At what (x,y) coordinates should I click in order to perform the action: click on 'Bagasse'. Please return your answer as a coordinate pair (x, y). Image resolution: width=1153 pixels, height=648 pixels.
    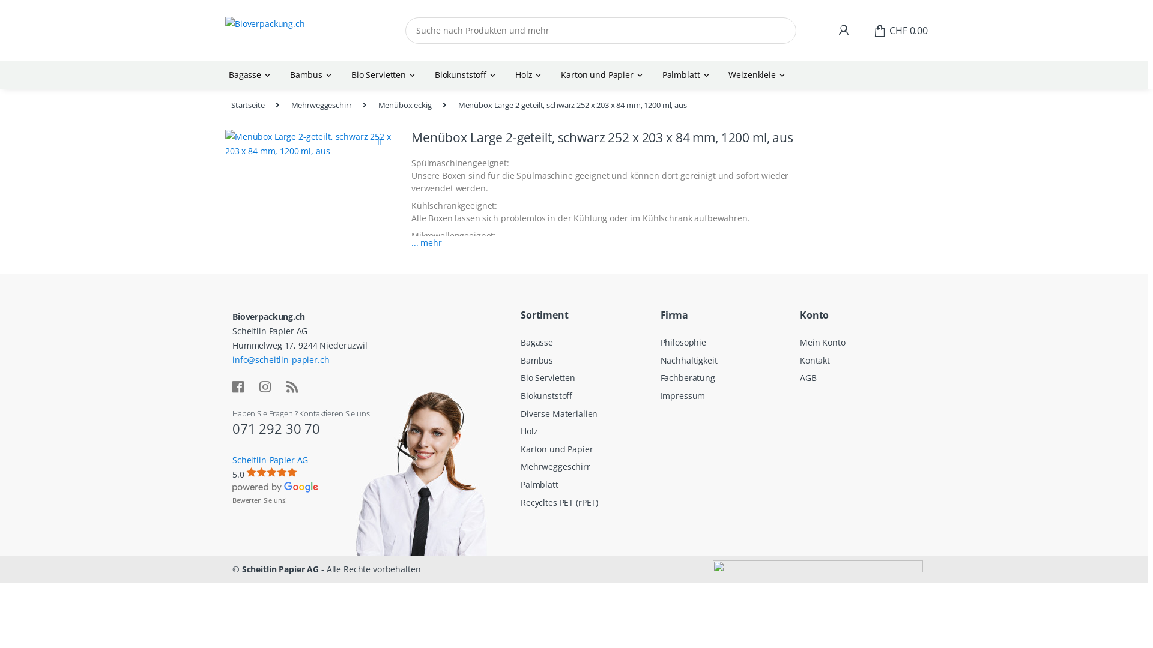
    Looking at the image, I should click on (250, 74).